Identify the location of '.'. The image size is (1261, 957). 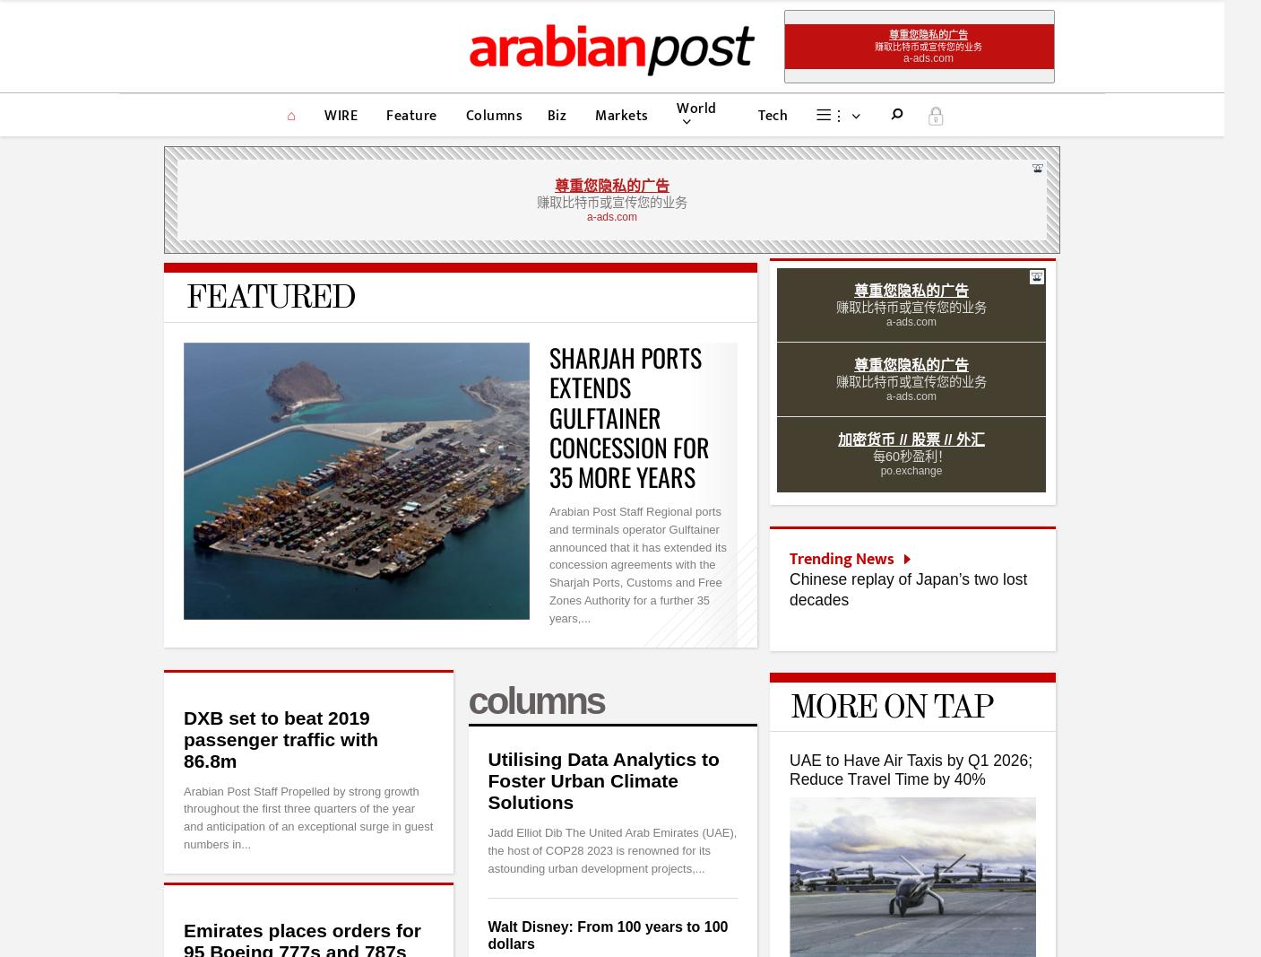
(933, 114).